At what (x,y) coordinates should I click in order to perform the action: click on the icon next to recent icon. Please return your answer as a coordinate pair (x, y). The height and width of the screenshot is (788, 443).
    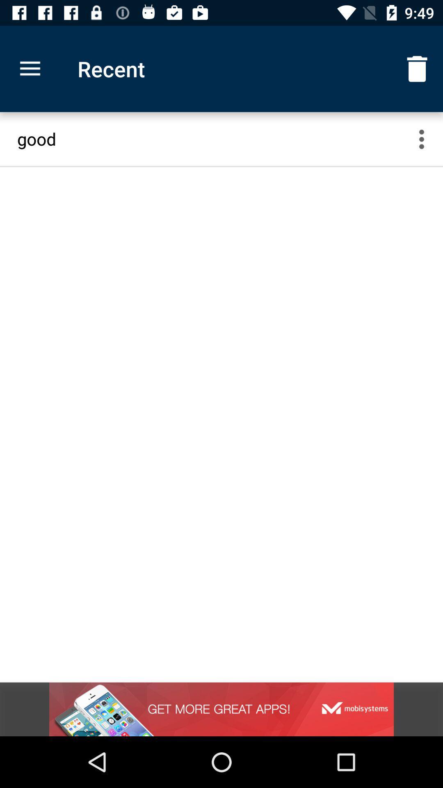
    Looking at the image, I should click on (30, 69).